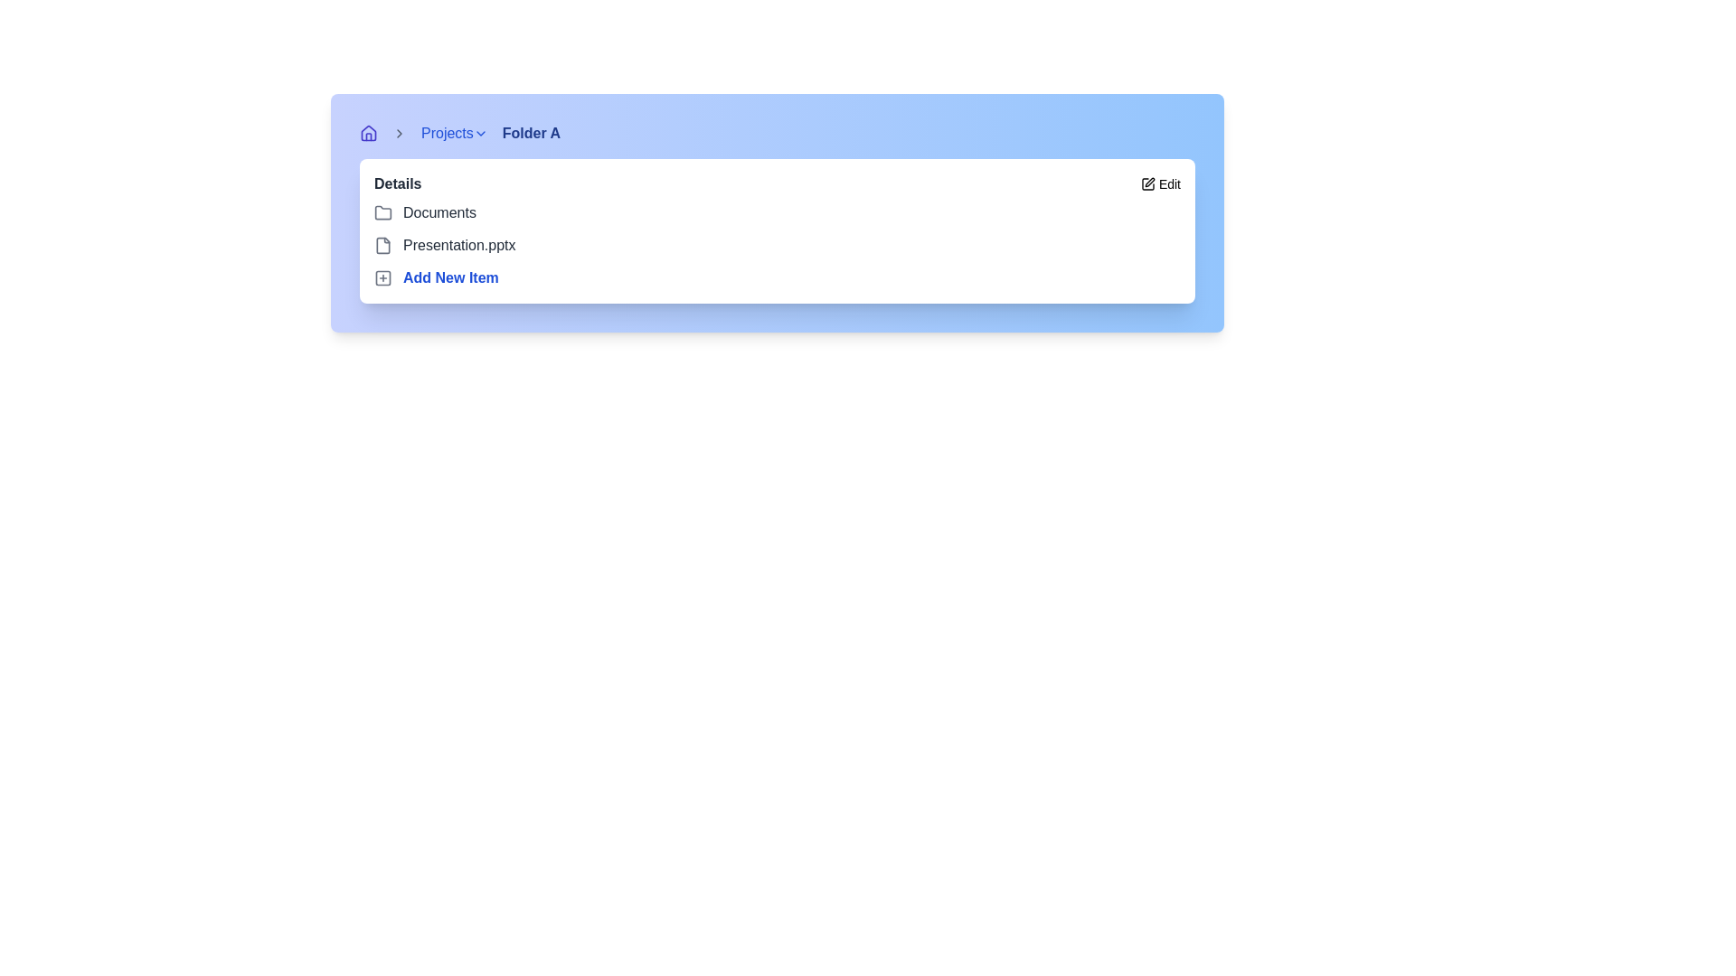 This screenshot has width=1736, height=976. I want to click on the home-navigation icon, so click(368, 132).